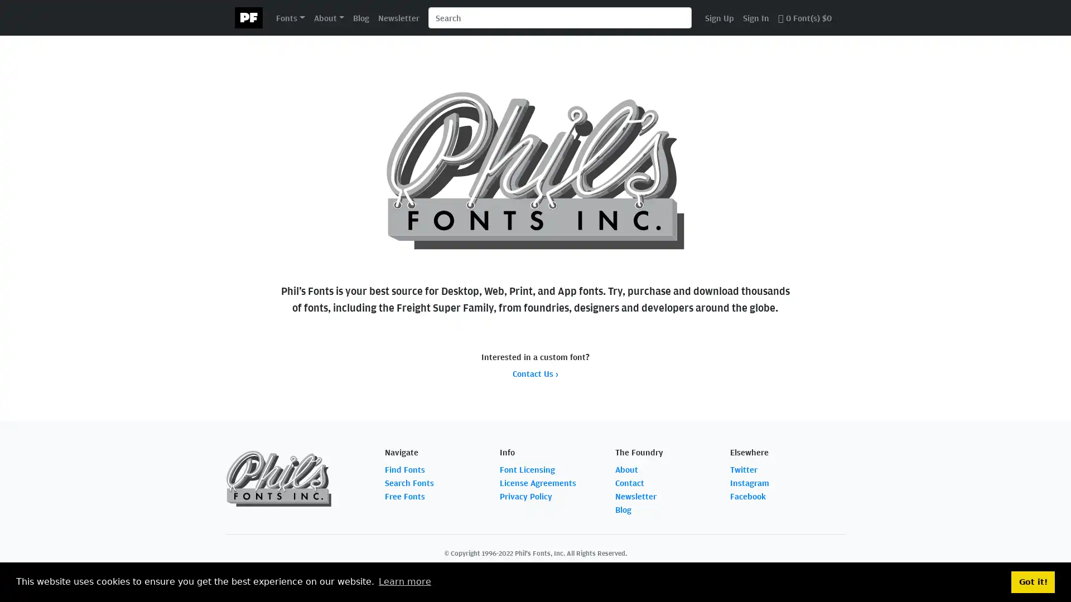 Image resolution: width=1071 pixels, height=602 pixels. I want to click on Fonts, so click(290, 17).